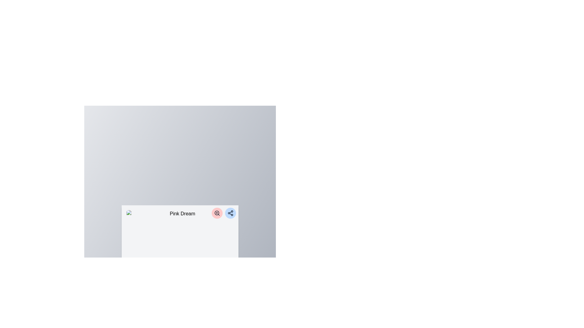 Image resolution: width=584 pixels, height=328 pixels. What do you see at coordinates (217, 213) in the screenshot?
I see `the magnifier button located in the top right corner of the 'Pink Dream' section to zoom in on the associated content` at bounding box center [217, 213].